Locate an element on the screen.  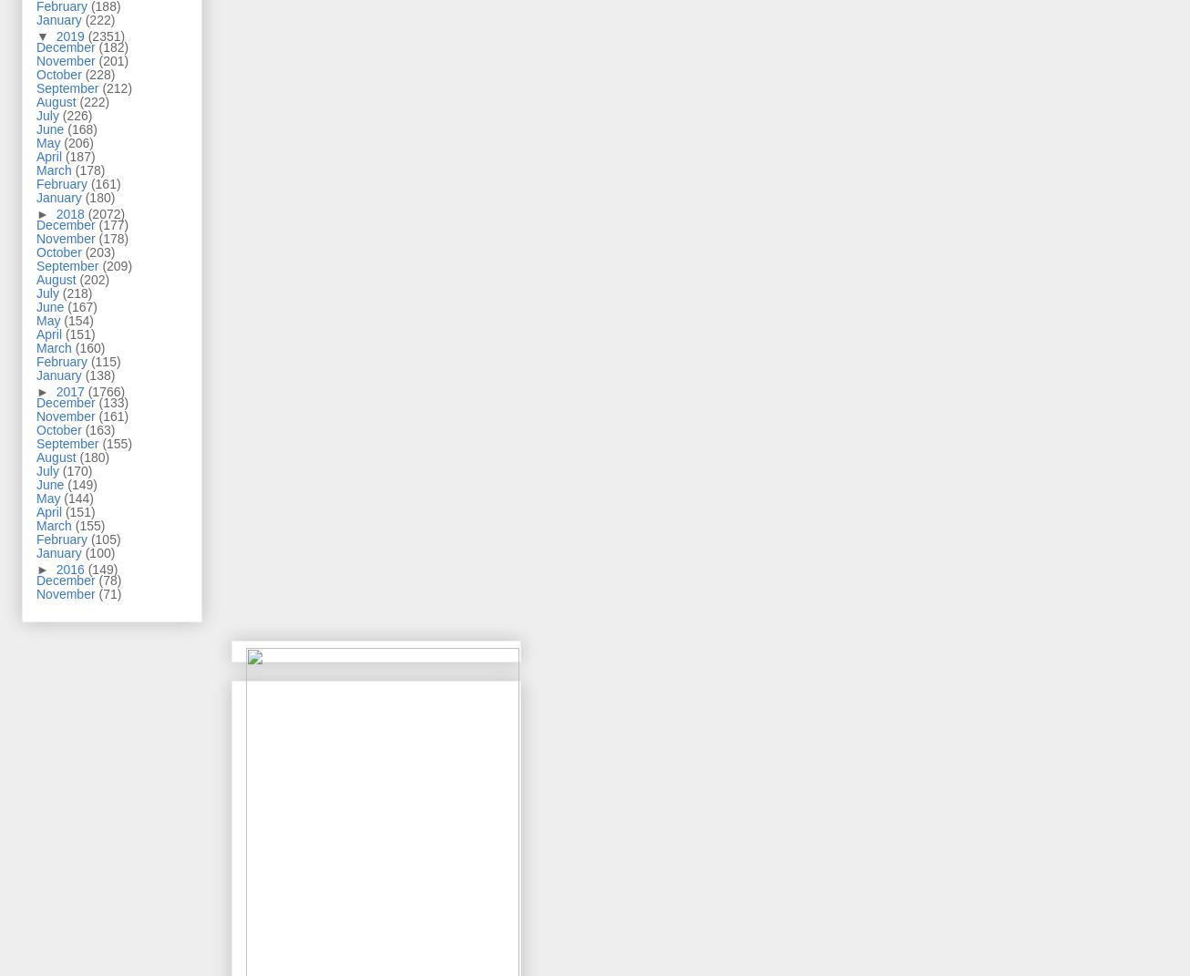
'(2072)' is located at coordinates (86, 213).